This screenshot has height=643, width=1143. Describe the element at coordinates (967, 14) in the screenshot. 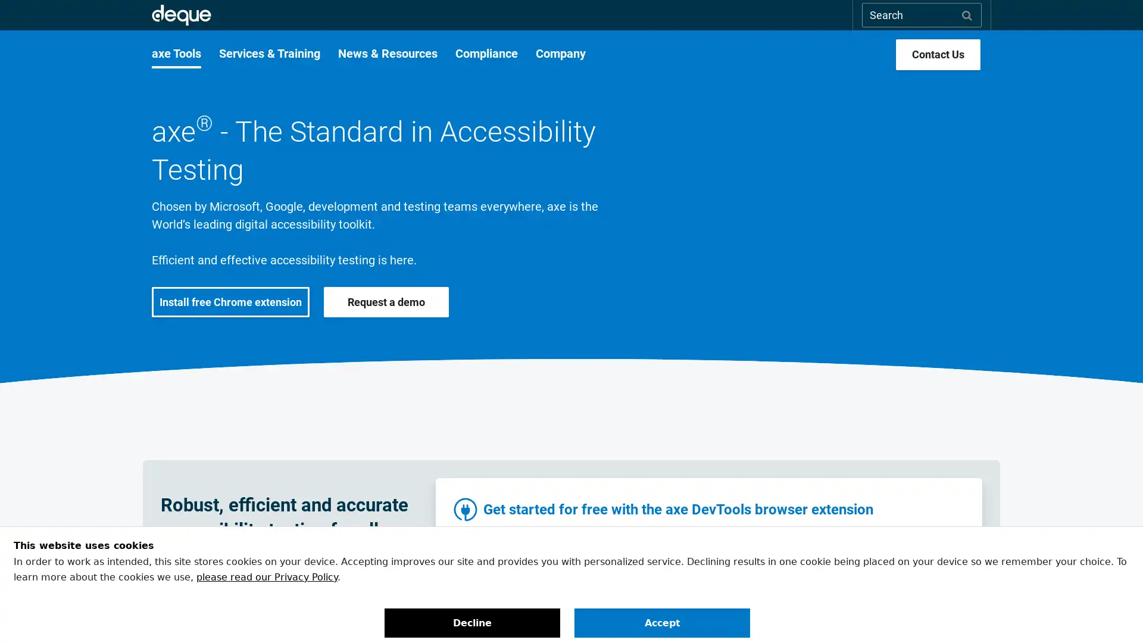

I see `Submit` at that location.